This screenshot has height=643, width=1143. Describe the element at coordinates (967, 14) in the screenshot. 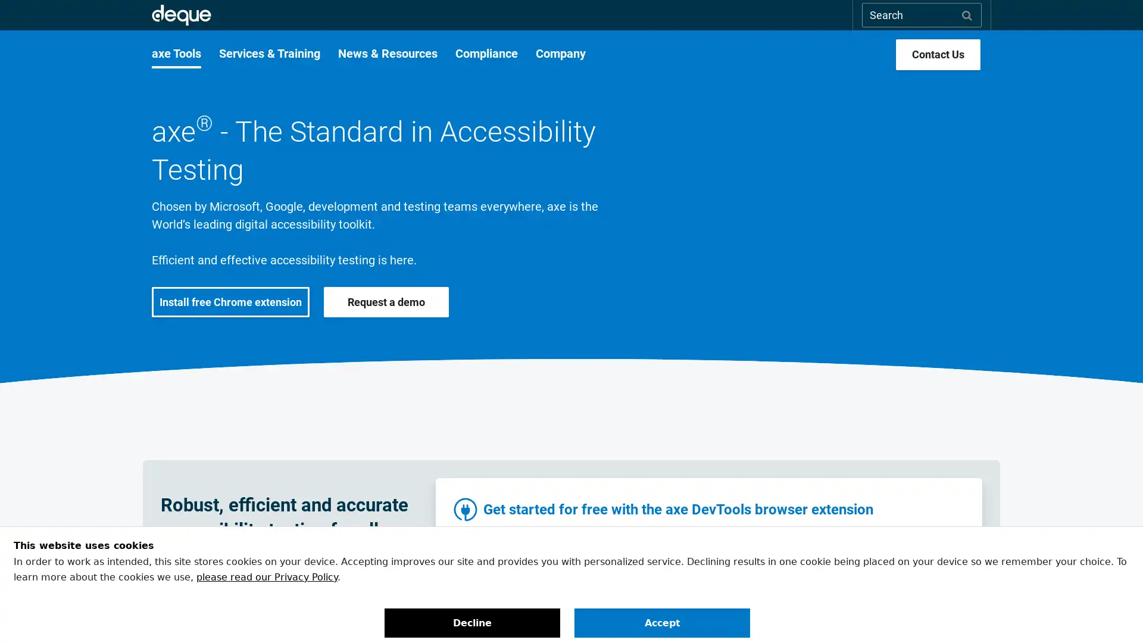

I see `Submit` at that location.